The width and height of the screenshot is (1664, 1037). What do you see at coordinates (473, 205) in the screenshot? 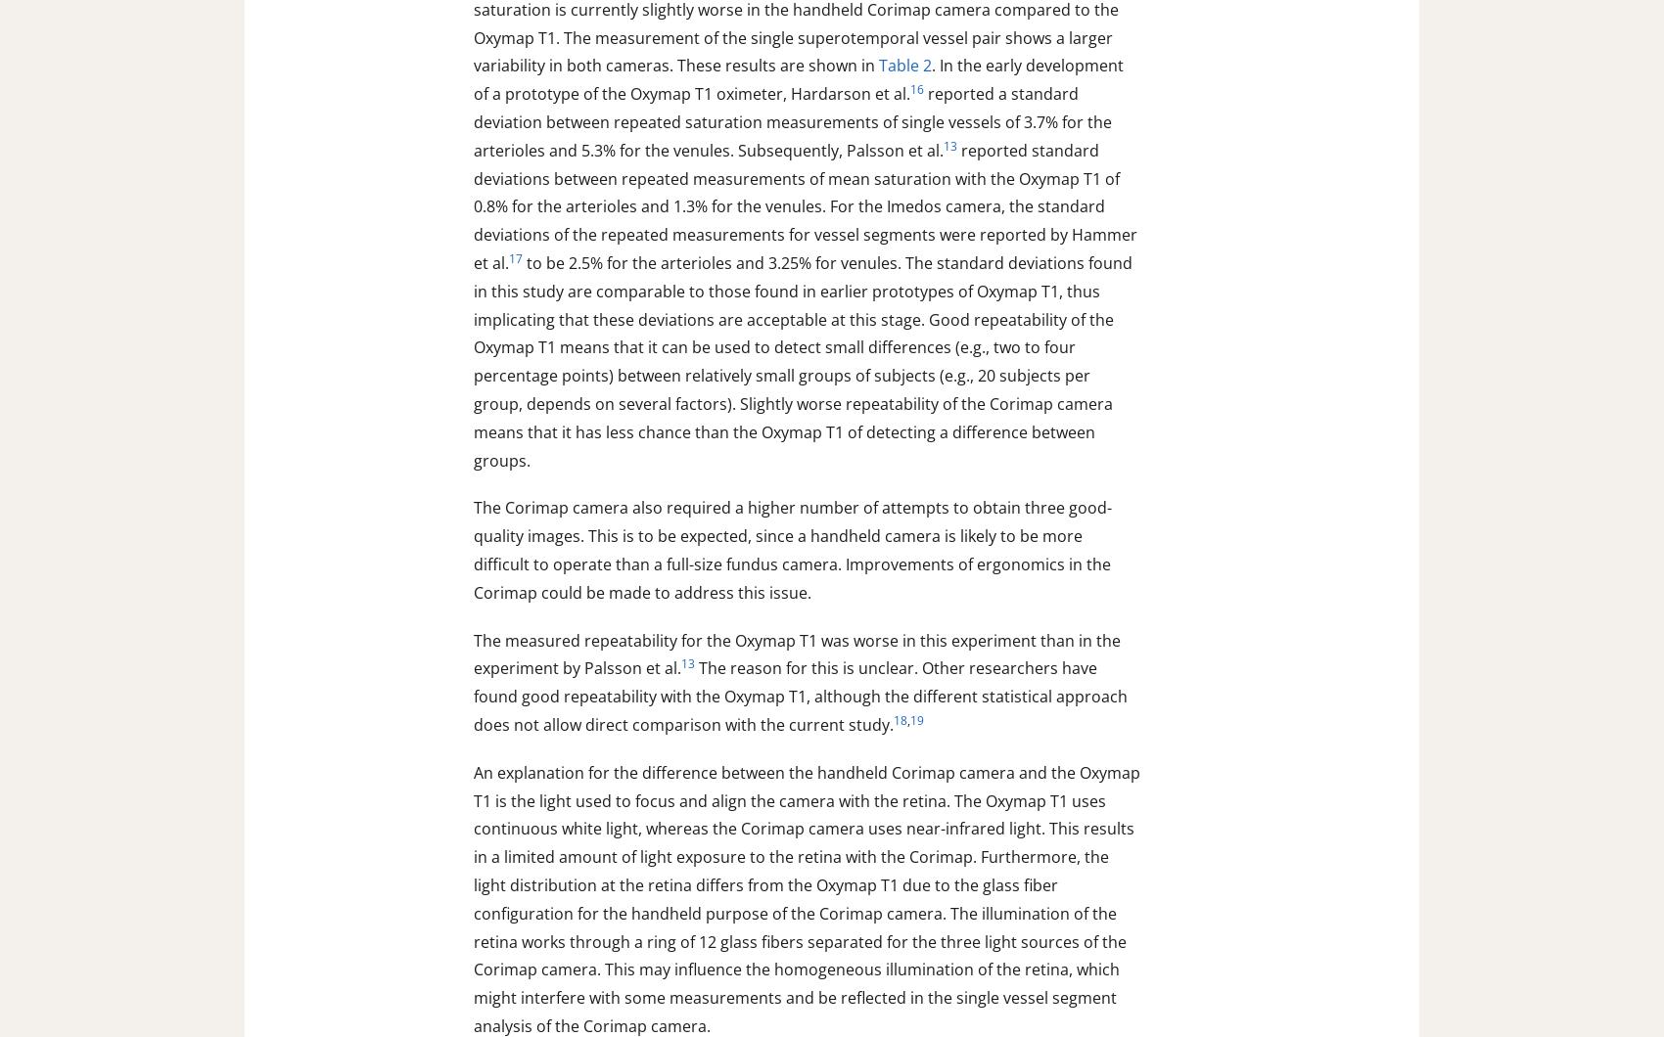
I see `'reported standard deviations between repeated measurements of mean saturation with the Oxymap T1 of 0.8% for the arterioles and 1.3% for the venules. For the Imedos camera, the standard deviations of the repeated measurements for vessel segments were reported by Hammer et al.'` at bounding box center [473, 205].